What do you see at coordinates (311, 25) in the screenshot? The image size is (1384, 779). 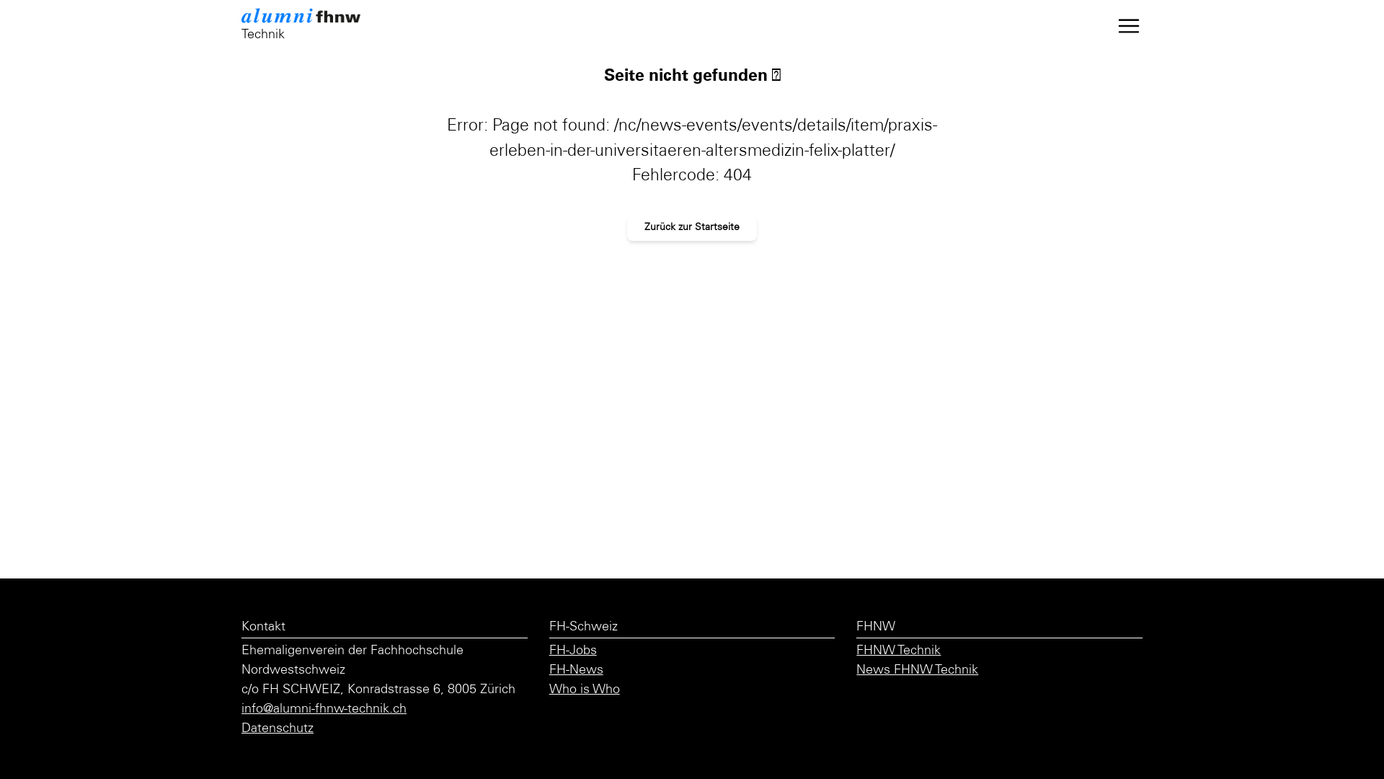 I see `'Technik'` at bounding box center [311, 25].